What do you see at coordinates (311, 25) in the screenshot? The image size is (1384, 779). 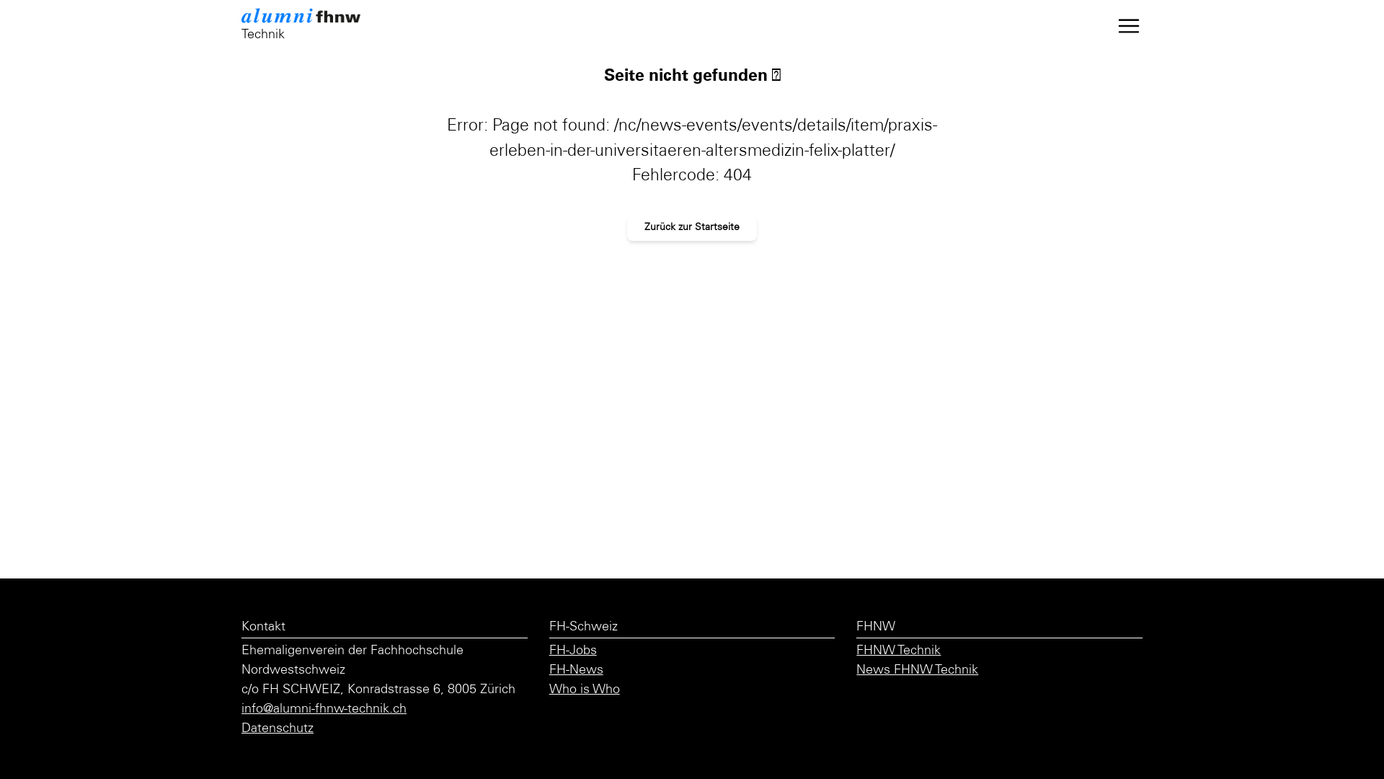 I see `'Technik'` at bounding box center [311, 25].